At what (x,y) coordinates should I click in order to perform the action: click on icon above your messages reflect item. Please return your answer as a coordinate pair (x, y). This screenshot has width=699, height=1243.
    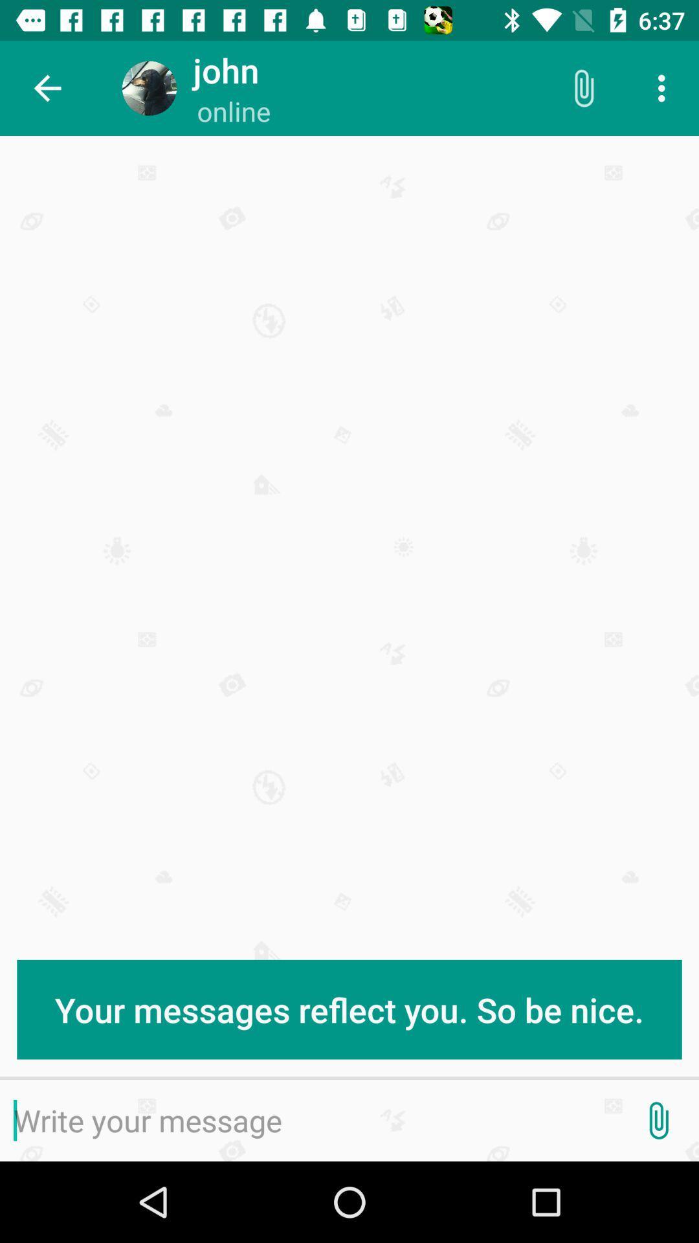
    Looking at the image, I should click on (47, 87).